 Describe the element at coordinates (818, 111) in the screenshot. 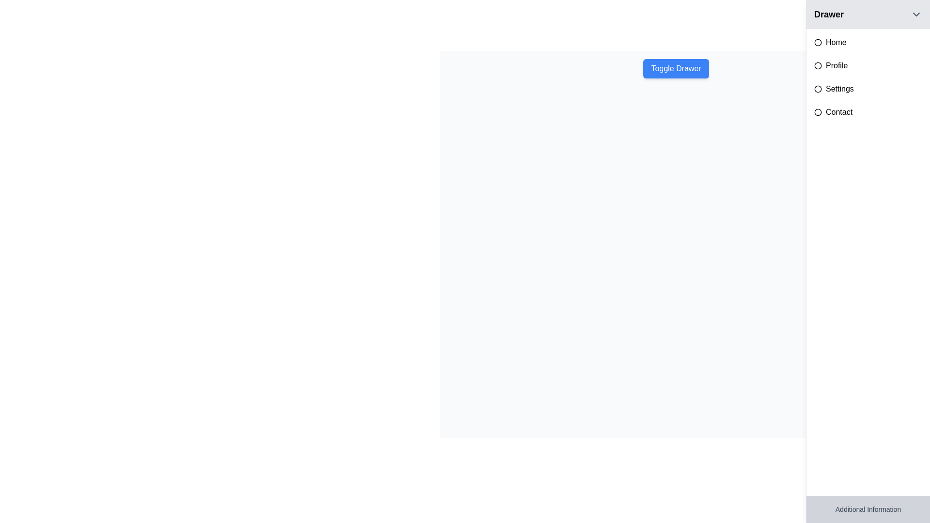

I see `the Circle icon located next to the 'Contact' option in the Drawer sidebar` at that location.